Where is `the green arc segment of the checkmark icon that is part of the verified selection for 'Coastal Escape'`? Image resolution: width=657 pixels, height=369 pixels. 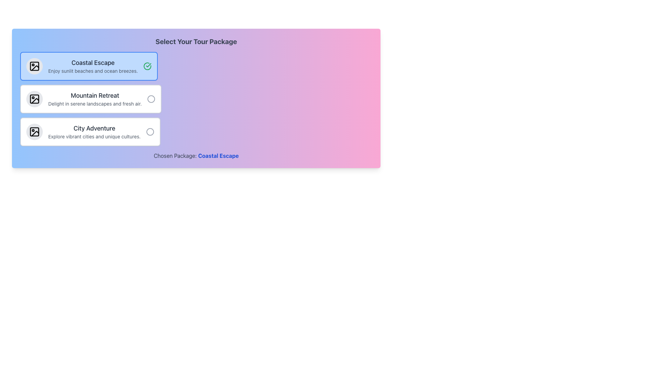
the green arc segment of the checkmark icon that is part of the verified selection for 'Coastal Escape' is located at coordinates (147, 66).